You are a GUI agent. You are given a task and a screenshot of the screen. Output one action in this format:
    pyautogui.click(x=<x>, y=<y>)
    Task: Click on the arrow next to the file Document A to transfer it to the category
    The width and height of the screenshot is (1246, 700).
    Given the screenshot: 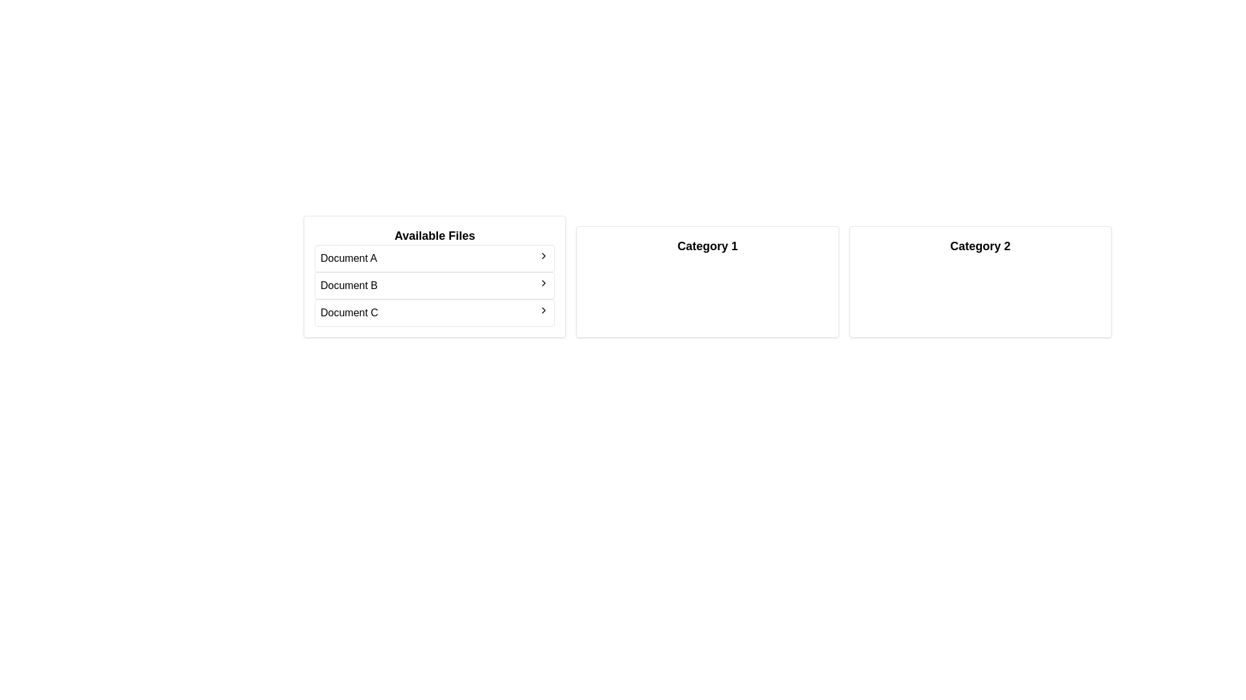 What is the action you would take?
    pyautogui.click(x=544, y=255)
    